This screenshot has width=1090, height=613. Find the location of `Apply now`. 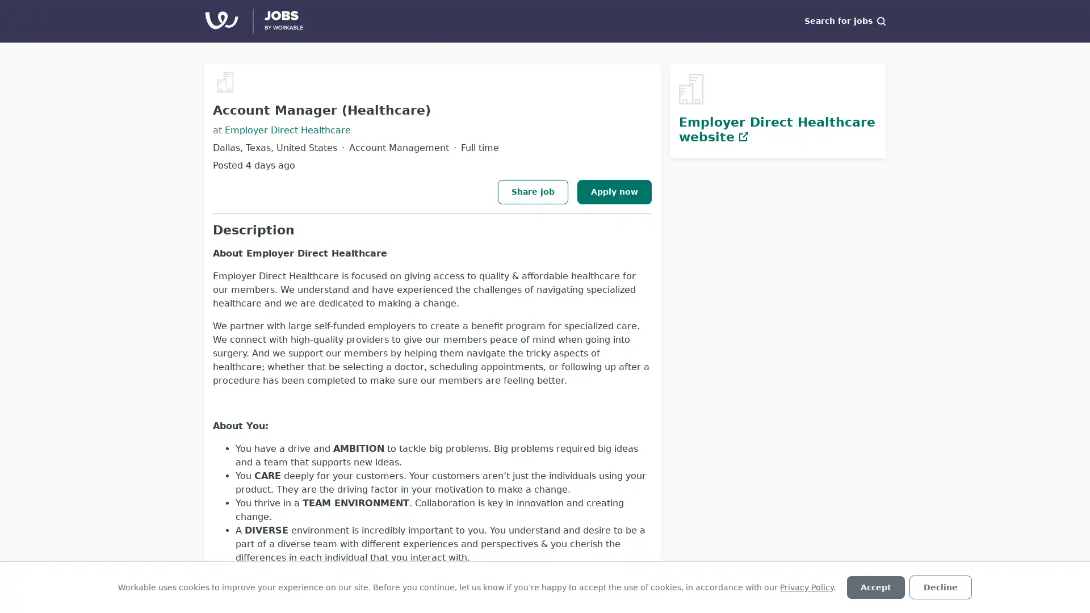

Apply now is located at coordinates (614, 191).